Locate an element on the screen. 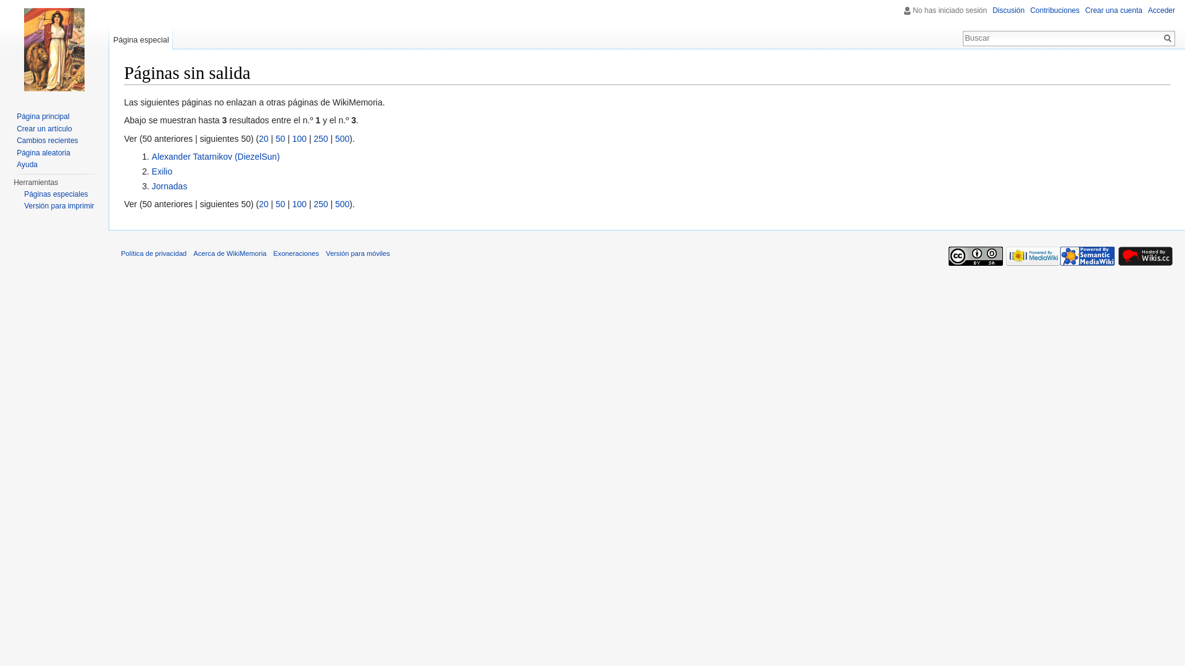 The height and width of the screenshot is (666, 1185). 'Crear una cuenta' is located at coordinates (1113, 10).